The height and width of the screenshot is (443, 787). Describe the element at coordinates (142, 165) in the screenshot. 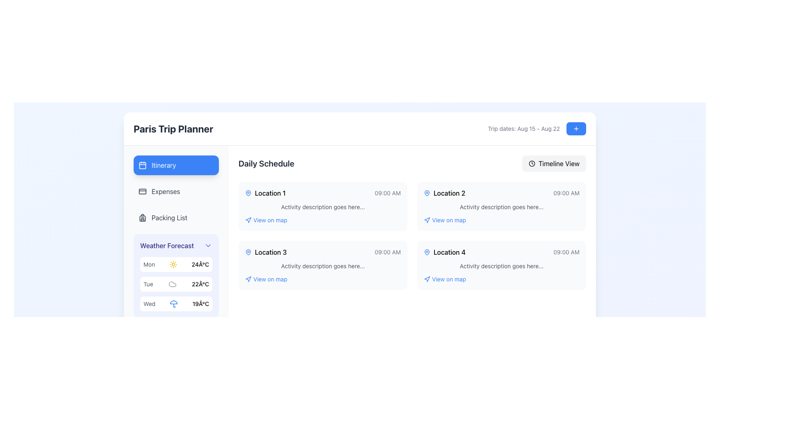

I see `the calendar icon that represents the 'Itinerary' button in the left-side navigation menu` at that location.